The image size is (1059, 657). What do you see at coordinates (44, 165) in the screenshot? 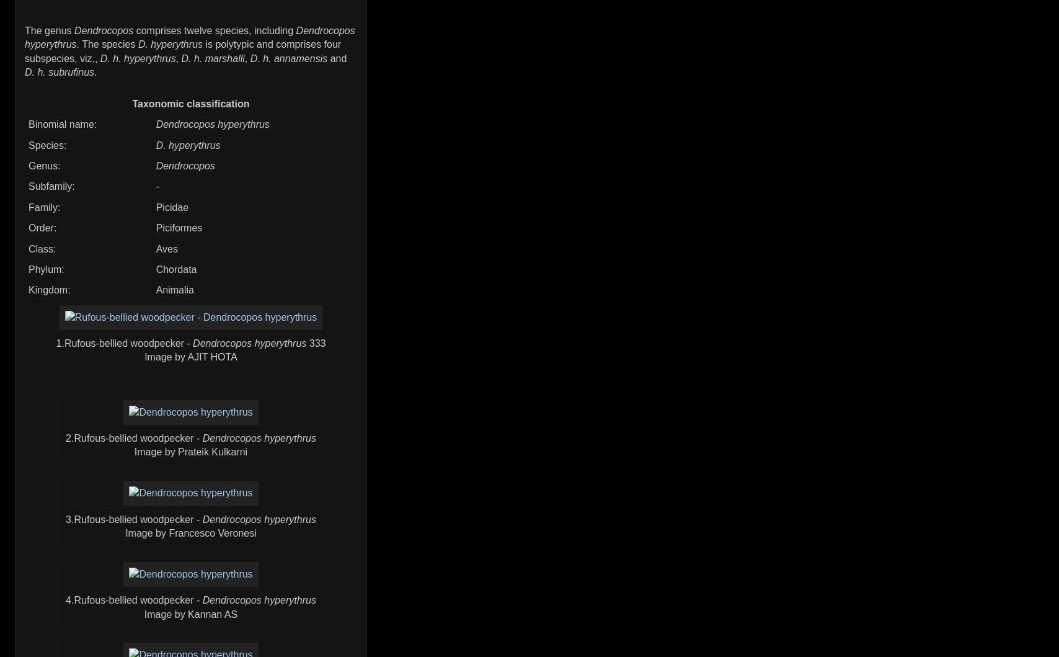
I see `'Genus:'` at bounding box center [44, 165].